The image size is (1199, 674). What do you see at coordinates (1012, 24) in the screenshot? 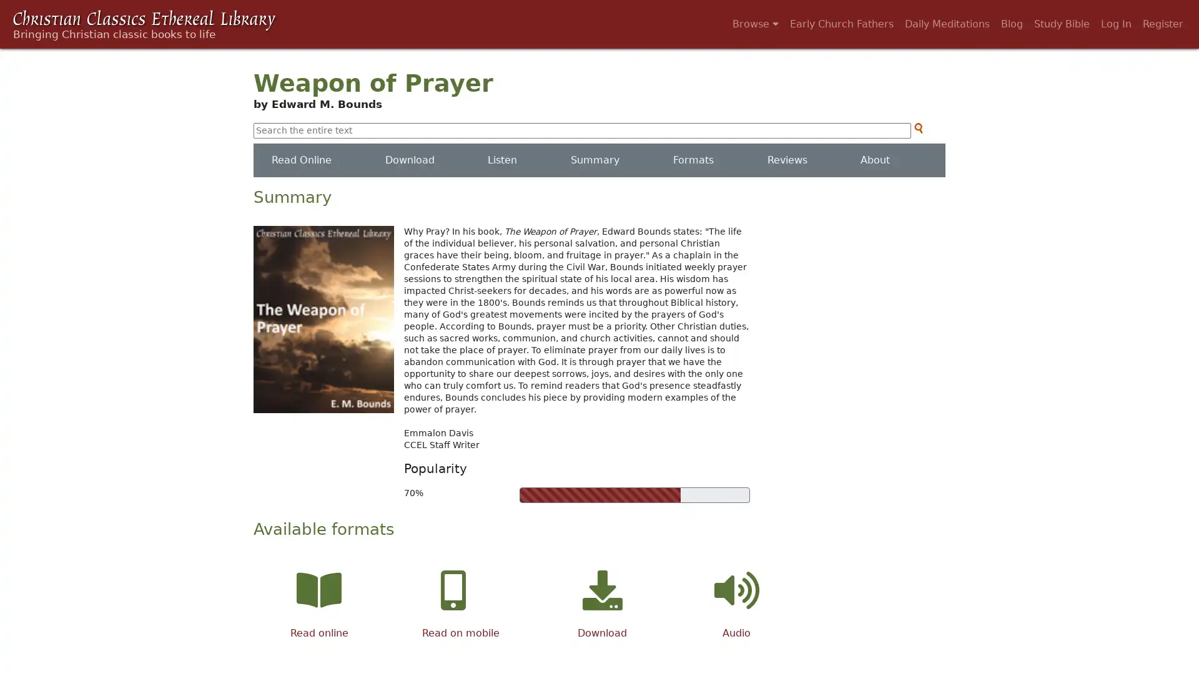
I see `Blog` at bounding box center [1012, 24].